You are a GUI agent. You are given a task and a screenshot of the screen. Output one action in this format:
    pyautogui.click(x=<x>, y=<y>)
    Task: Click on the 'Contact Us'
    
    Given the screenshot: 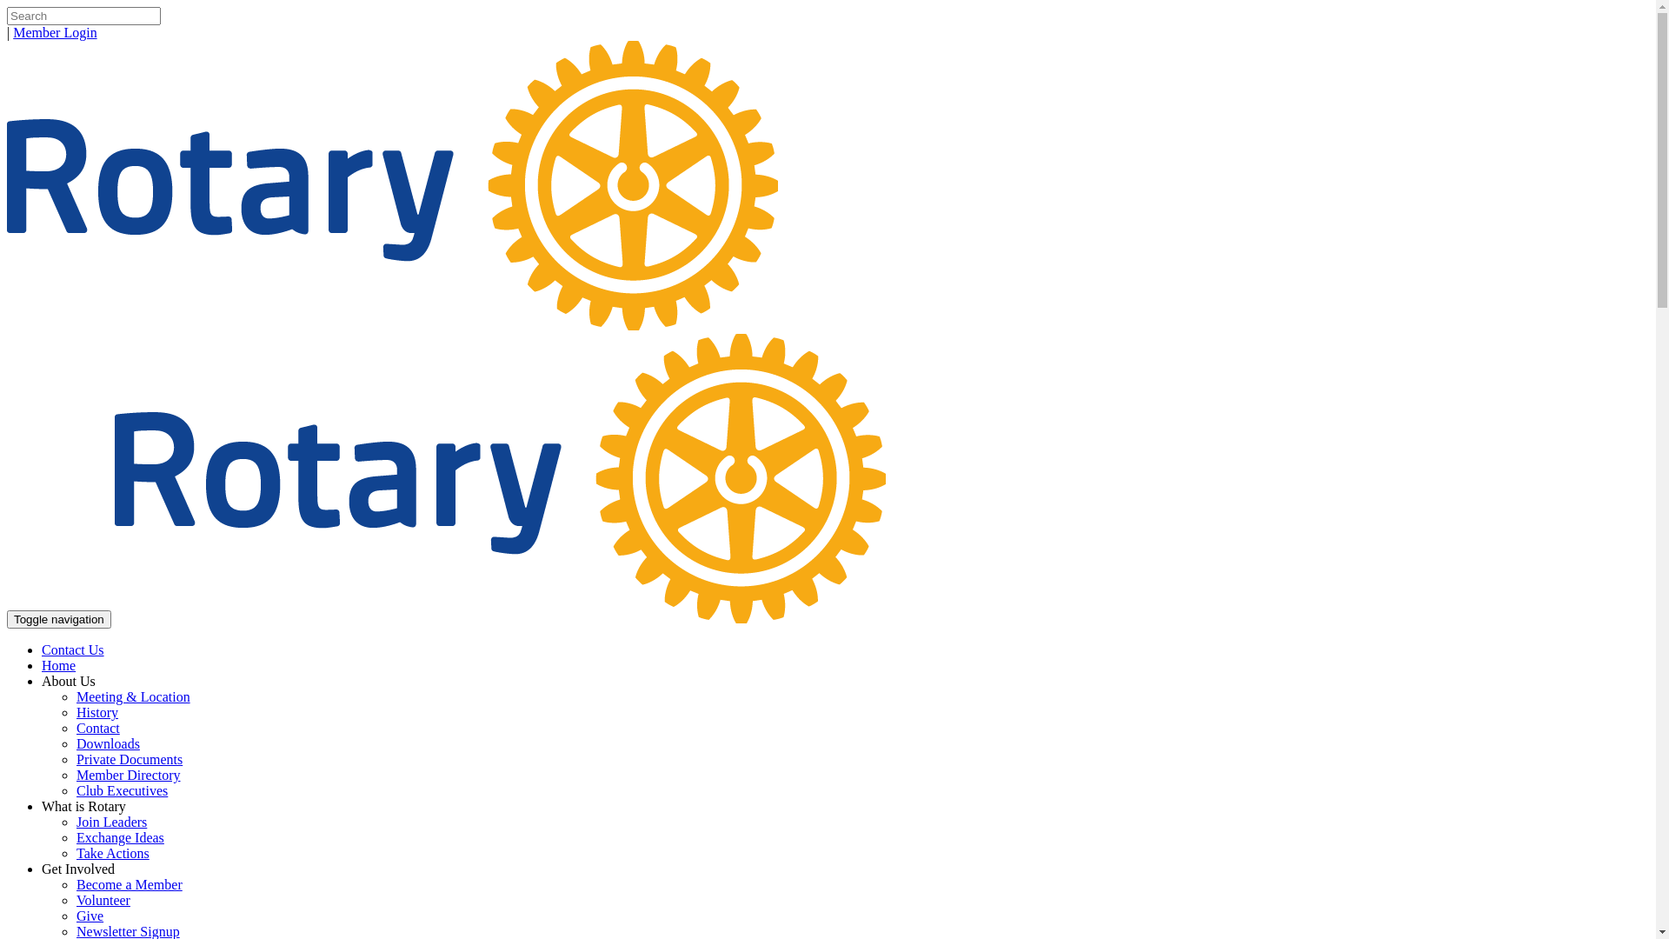 What is the action you would take?
    pyautogui.click(x=71, y=649)
    